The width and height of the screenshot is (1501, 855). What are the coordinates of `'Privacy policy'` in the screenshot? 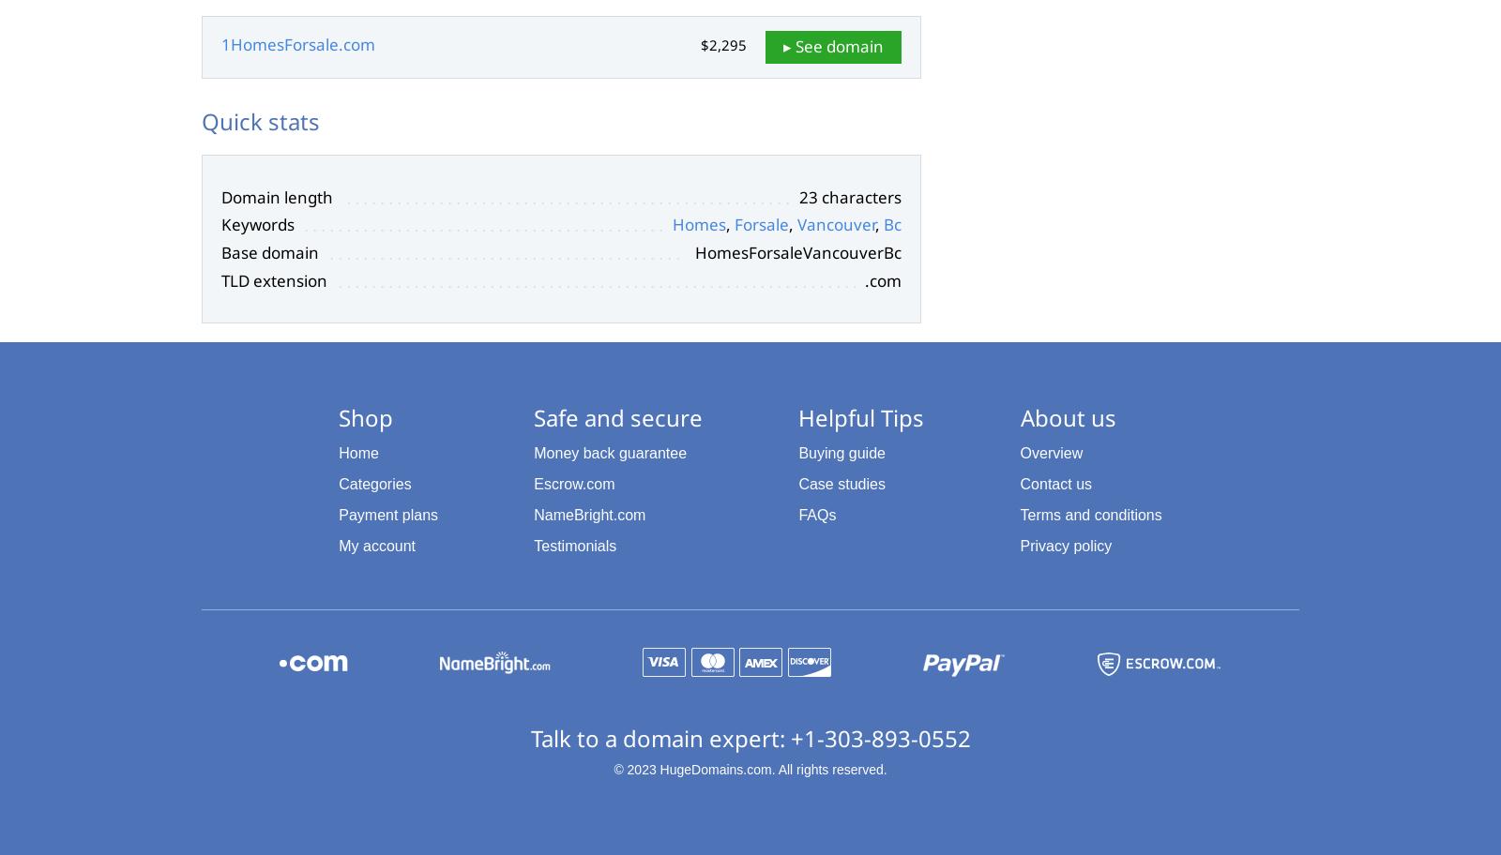 It's located at (1066, 544).